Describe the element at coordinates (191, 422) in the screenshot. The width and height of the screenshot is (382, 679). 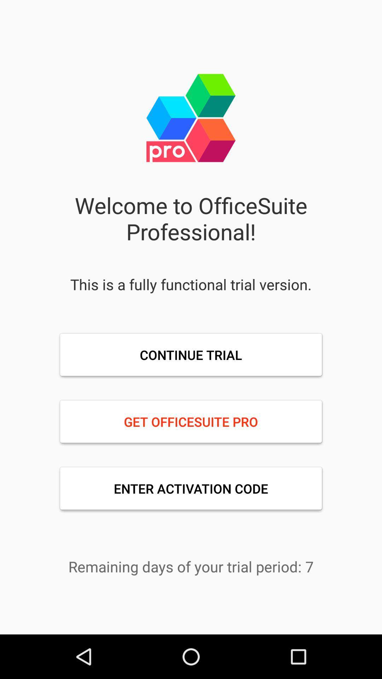
I see `icon above enter activation code icon` at that location.